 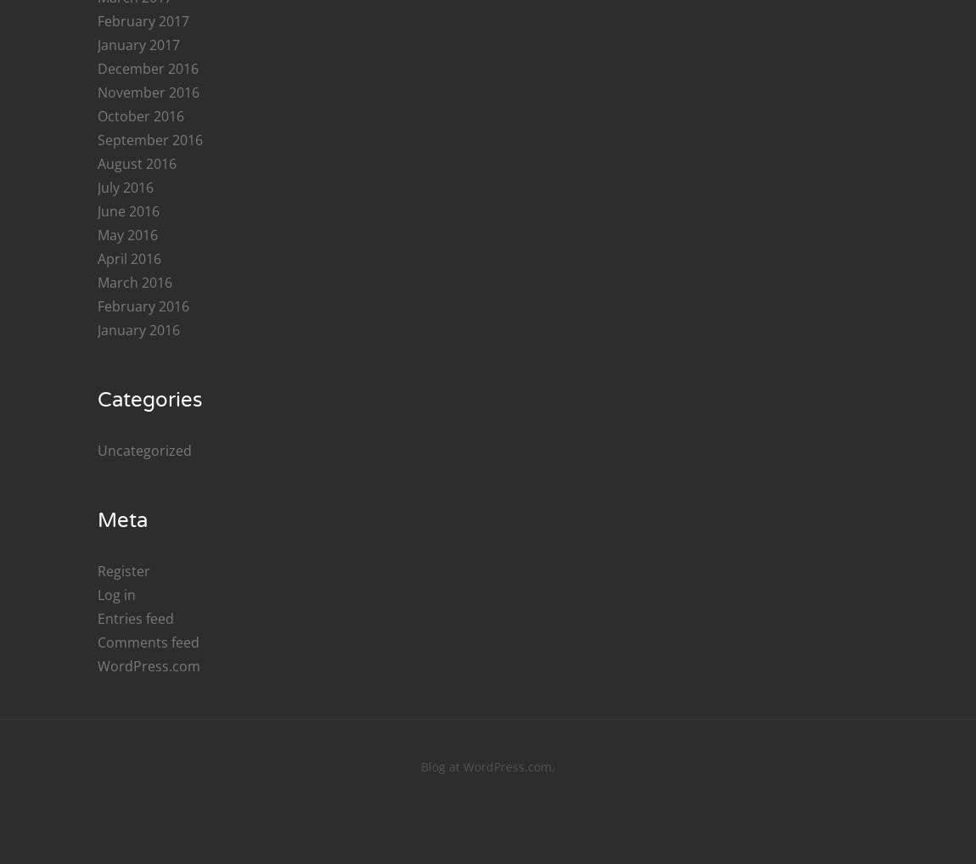 I want to click on 'January 2020', so click(x=137, y=171).